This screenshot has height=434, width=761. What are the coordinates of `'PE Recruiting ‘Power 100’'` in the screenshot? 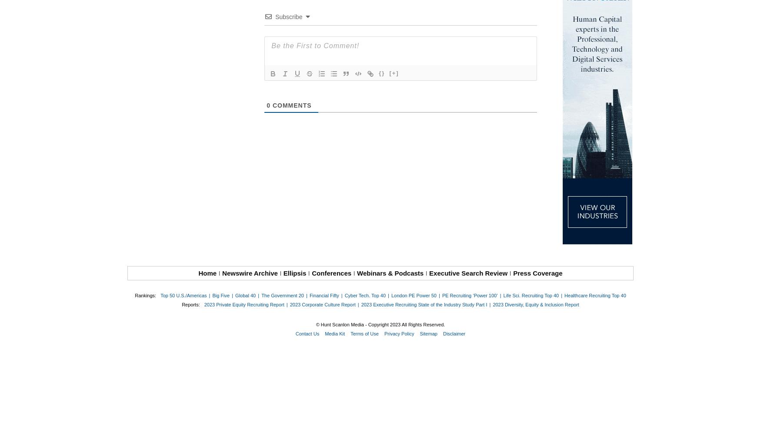 It's located at (469, 296).